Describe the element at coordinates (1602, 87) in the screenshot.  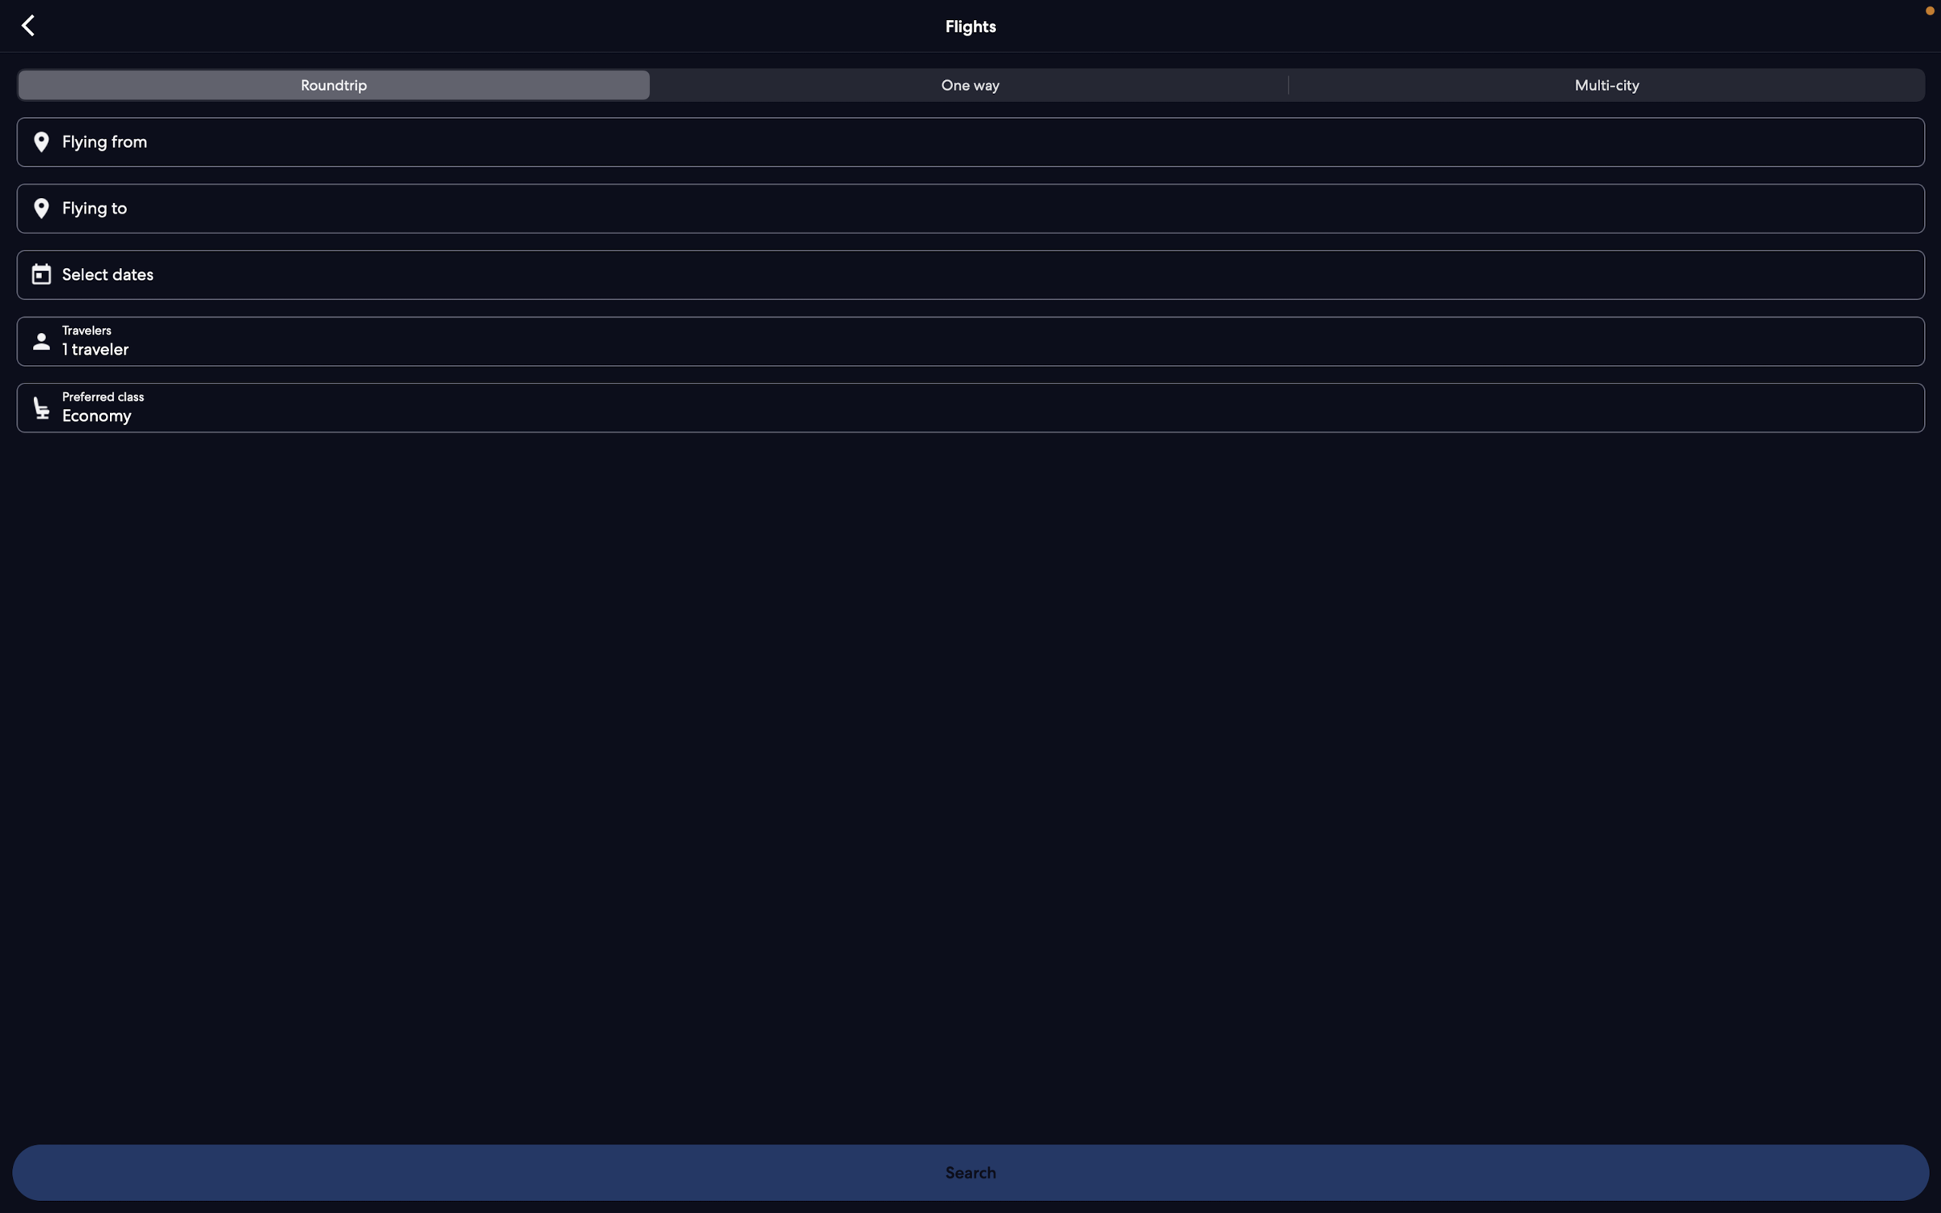
I see `the option to reserve flight for more than one city` at that location.